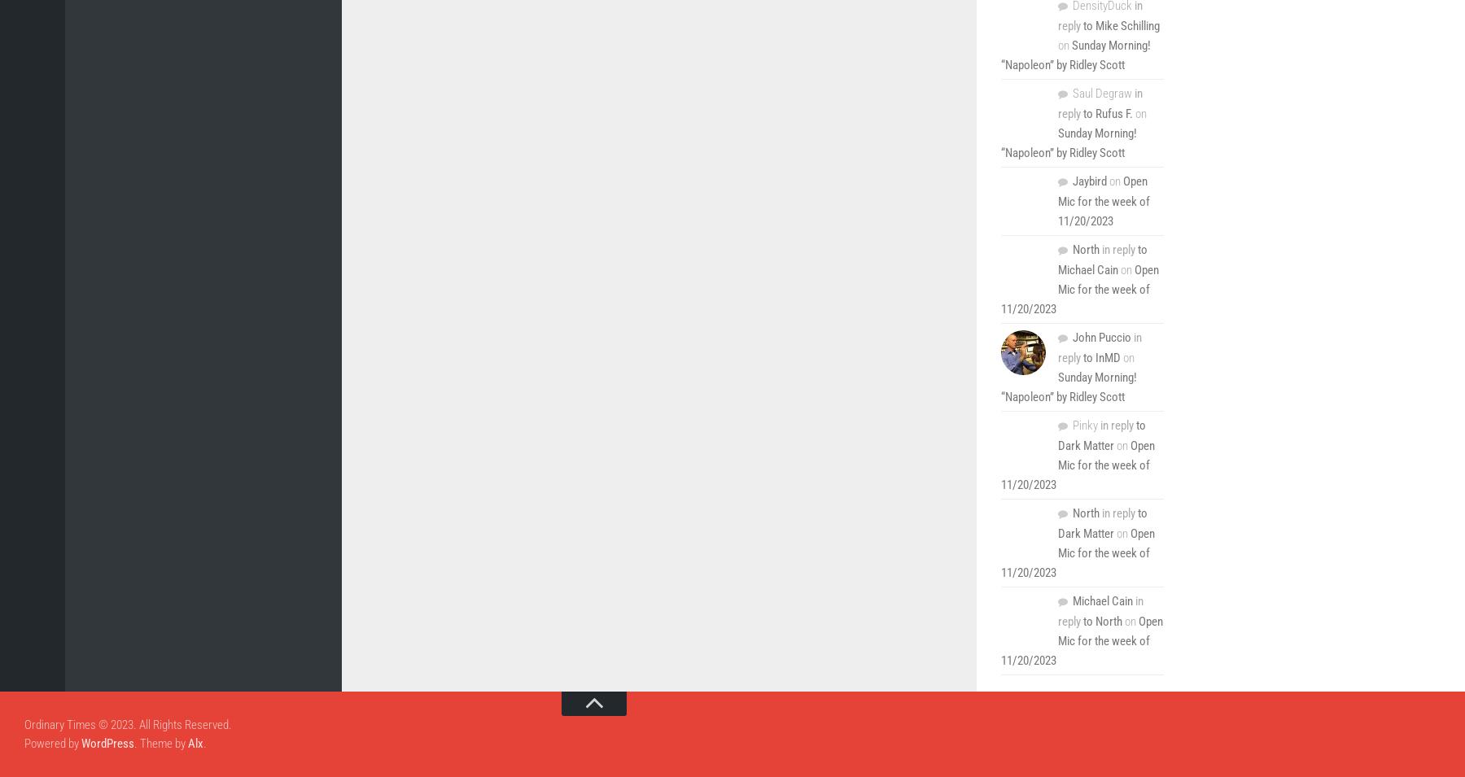 This screenshot has width=1465, height=777. I want to click on 'Jaybird', so click(1090, 181).